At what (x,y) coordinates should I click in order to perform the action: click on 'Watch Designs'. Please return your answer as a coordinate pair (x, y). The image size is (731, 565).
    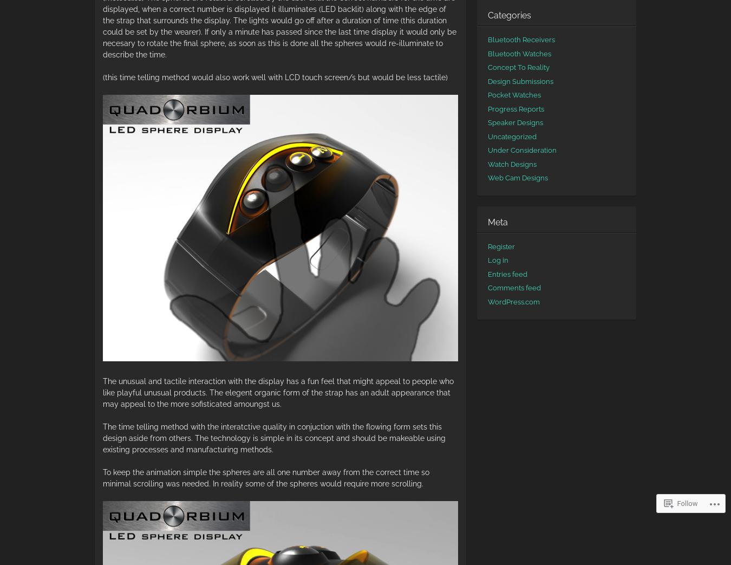
    Looking at the image, I should click on (511, 163).